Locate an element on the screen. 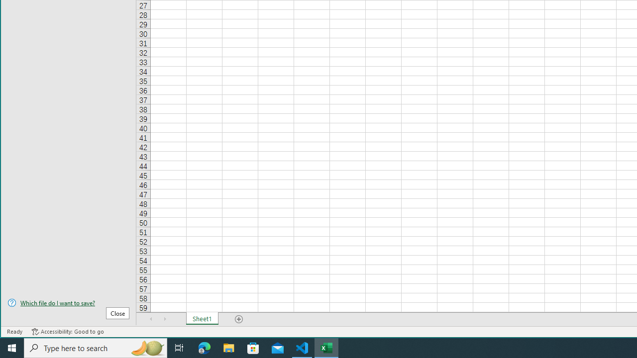 Image resolution: width=637 pixels, height=358 pixels. 'Scroll Right' is located at coordinates (165, 319).